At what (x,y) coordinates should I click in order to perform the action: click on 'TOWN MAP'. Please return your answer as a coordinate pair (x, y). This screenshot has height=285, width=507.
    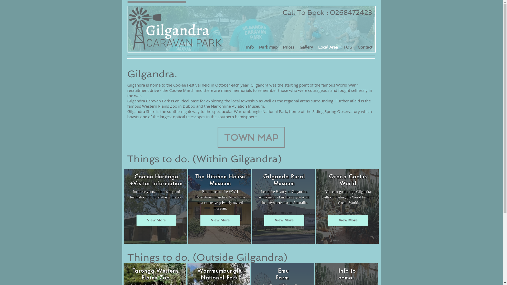
    Looking at the image, I should click on (251, 137).